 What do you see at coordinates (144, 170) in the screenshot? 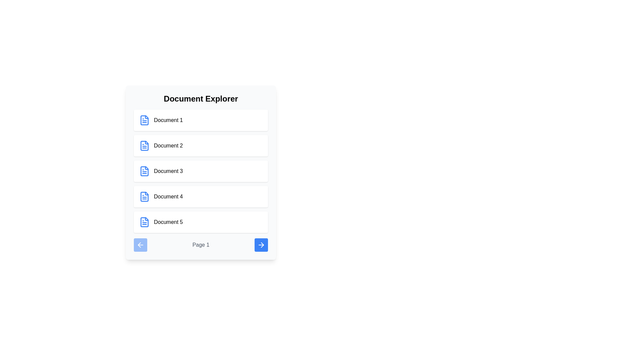
I see `the blue file icon located to the left of the label 'Document 3'` at bounding box center [144, 170].